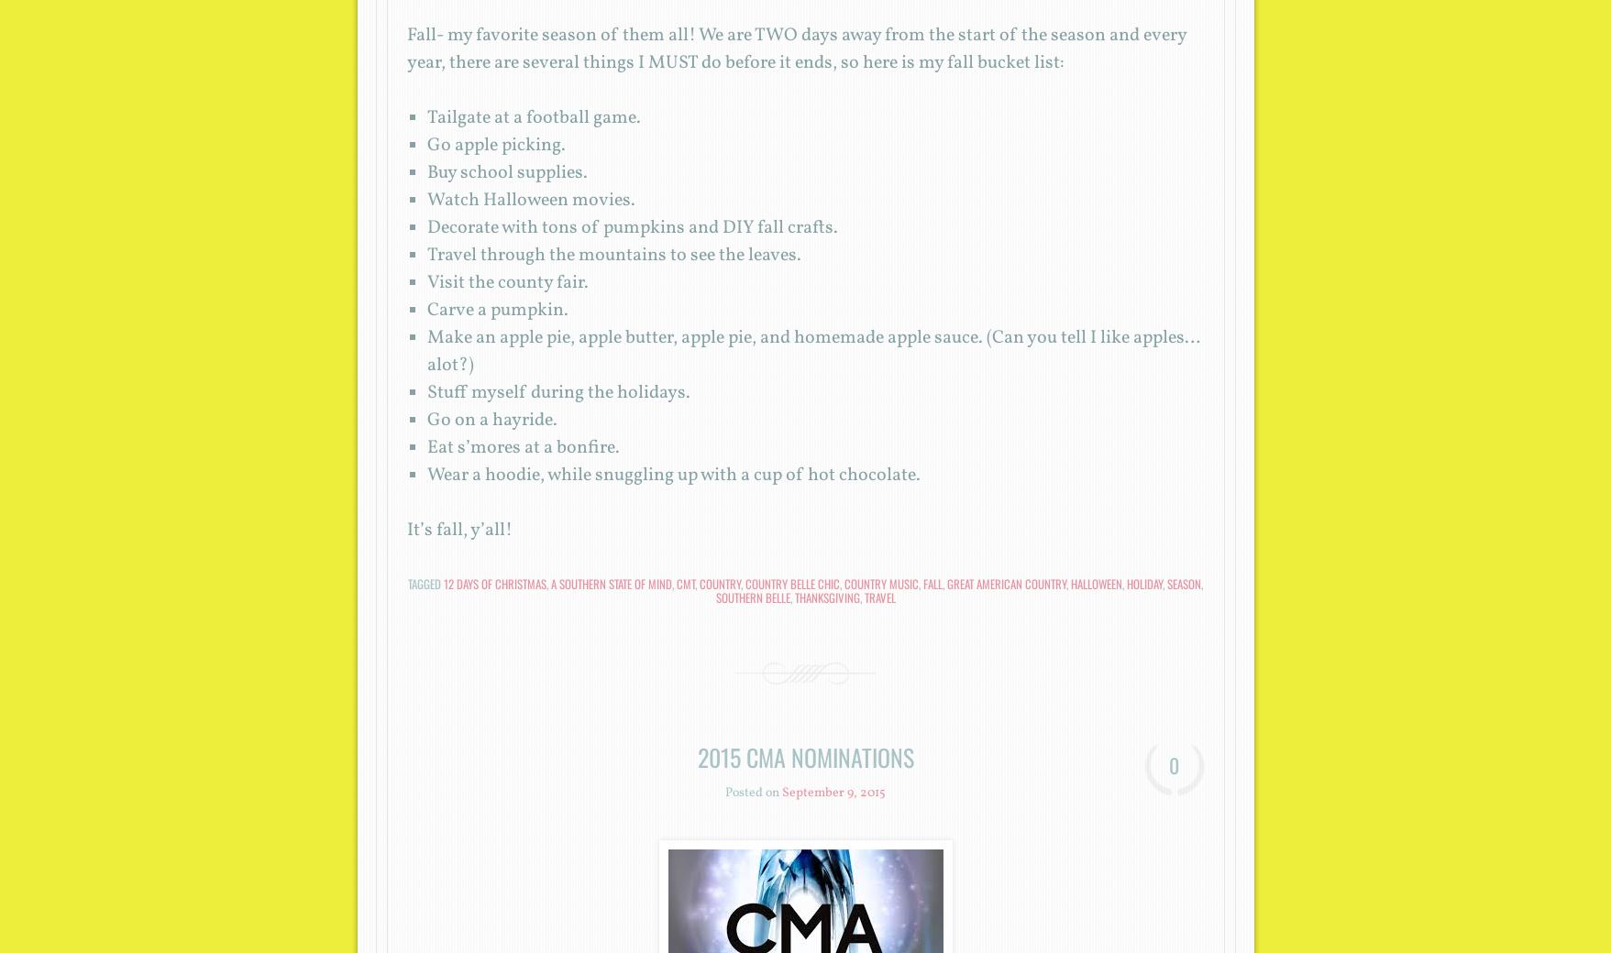 This screenshot has height=953, width=1611. What do you see at coordinates (880, 583) in the screenshot?
I see `'country music'` at bounding box center [880, 583].